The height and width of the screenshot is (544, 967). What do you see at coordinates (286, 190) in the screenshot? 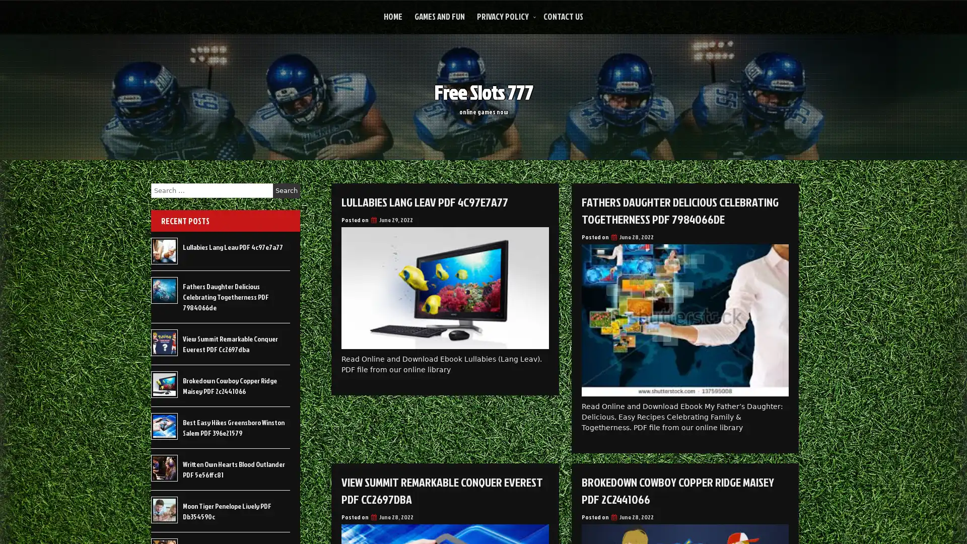
I see `Search` at bounding box center [286, 190].